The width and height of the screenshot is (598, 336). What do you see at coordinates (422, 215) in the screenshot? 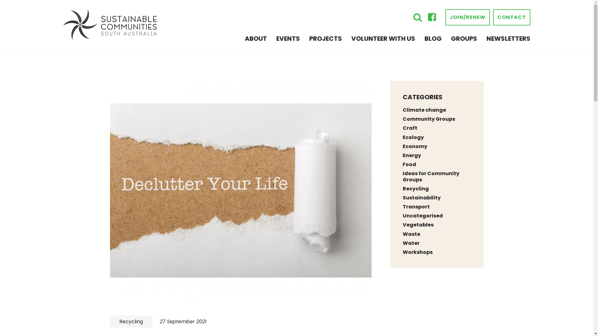
I see `'Uncategorised'` at bounding box center [422, 215].